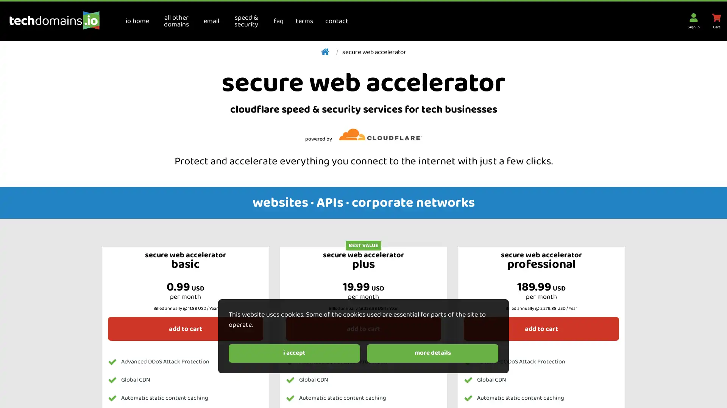 The width and height of the screenshot is (727, 408). I want to click on add to cart, so click(363, 328).